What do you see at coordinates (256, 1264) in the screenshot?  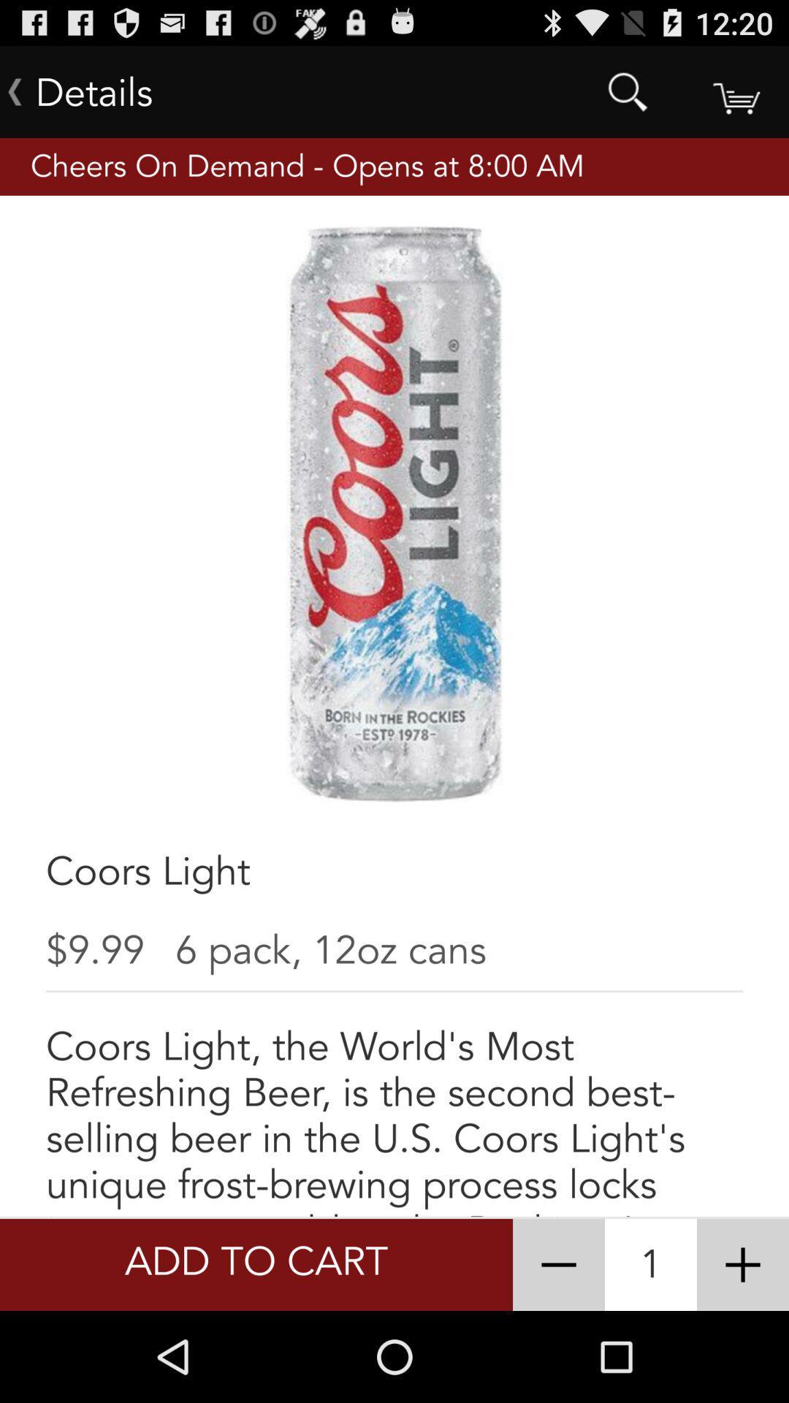 I see `add to cart item` at bounding box center [256, 1264].